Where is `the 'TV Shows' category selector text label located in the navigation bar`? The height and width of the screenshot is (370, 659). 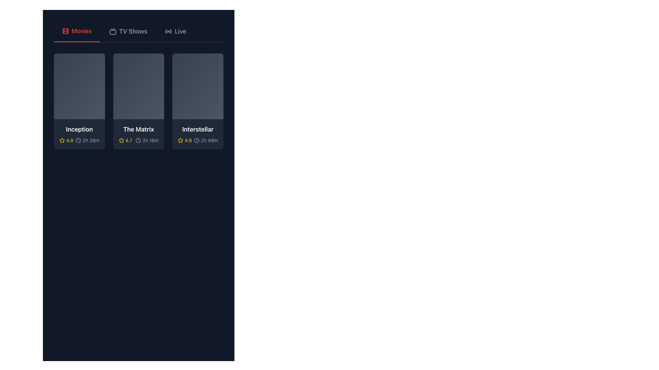
the 'TV Shows' category selector text label located in the navigation bar is located at coordinates (133, 32).